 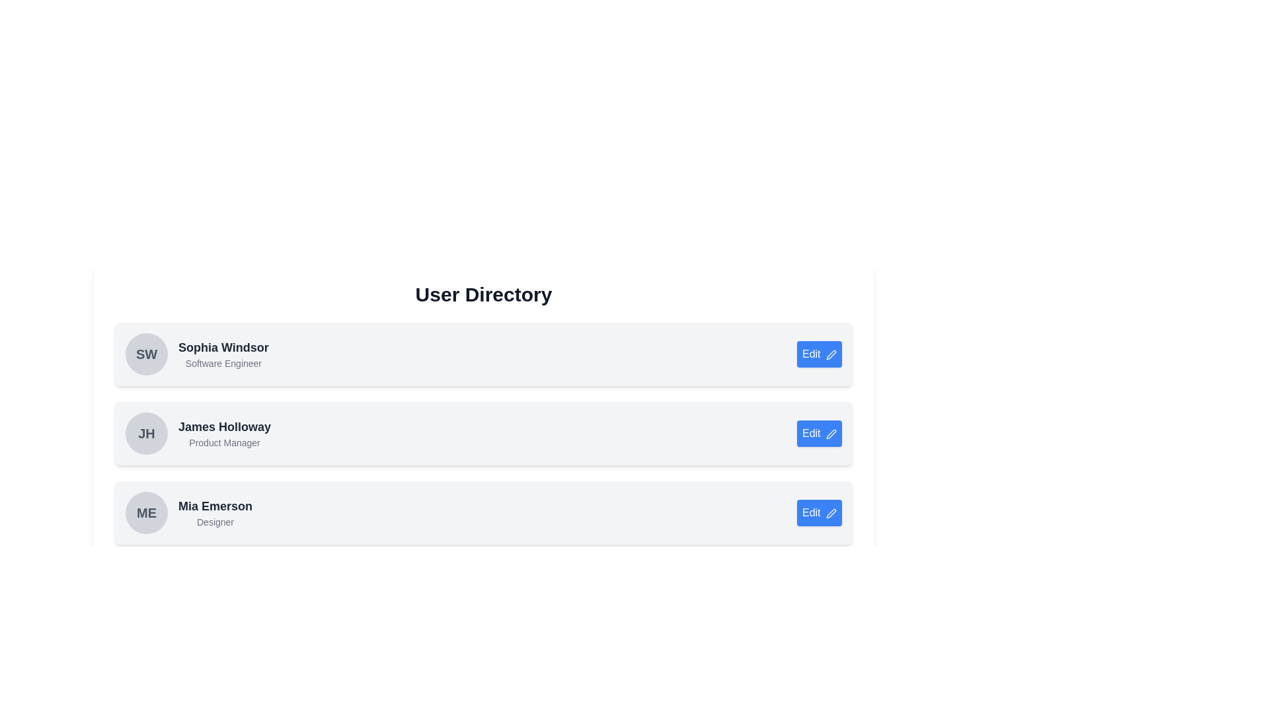 What do you see at coordinates (146, 512) in the screenshot?
I see `the circular Avatar placeholder with a light gray background and 'ME' text, located in the third row of the user listing component, to the left of 'Mia Emerson' and 'Designer'` at bounding box center [146, 512].